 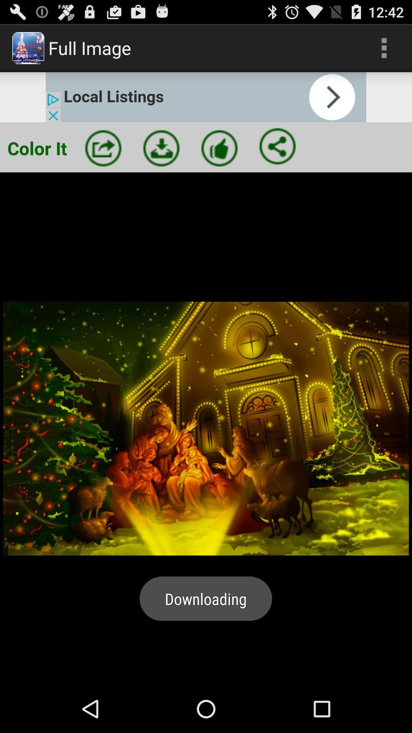 I want to click on share with contacts, so click(x=277, y=146).